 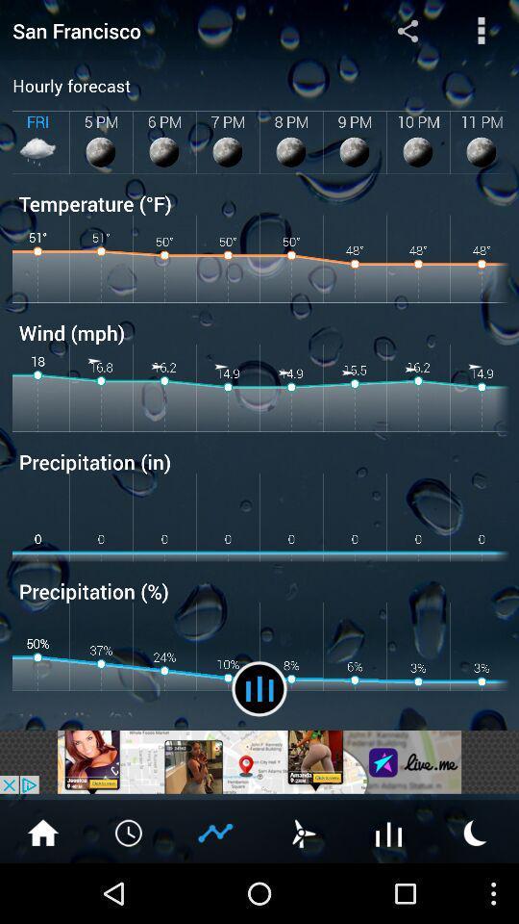 What do you see at coordinates (259, 736) in the screenshot?
I see `the pause icon` at bounding box center [259, 736].